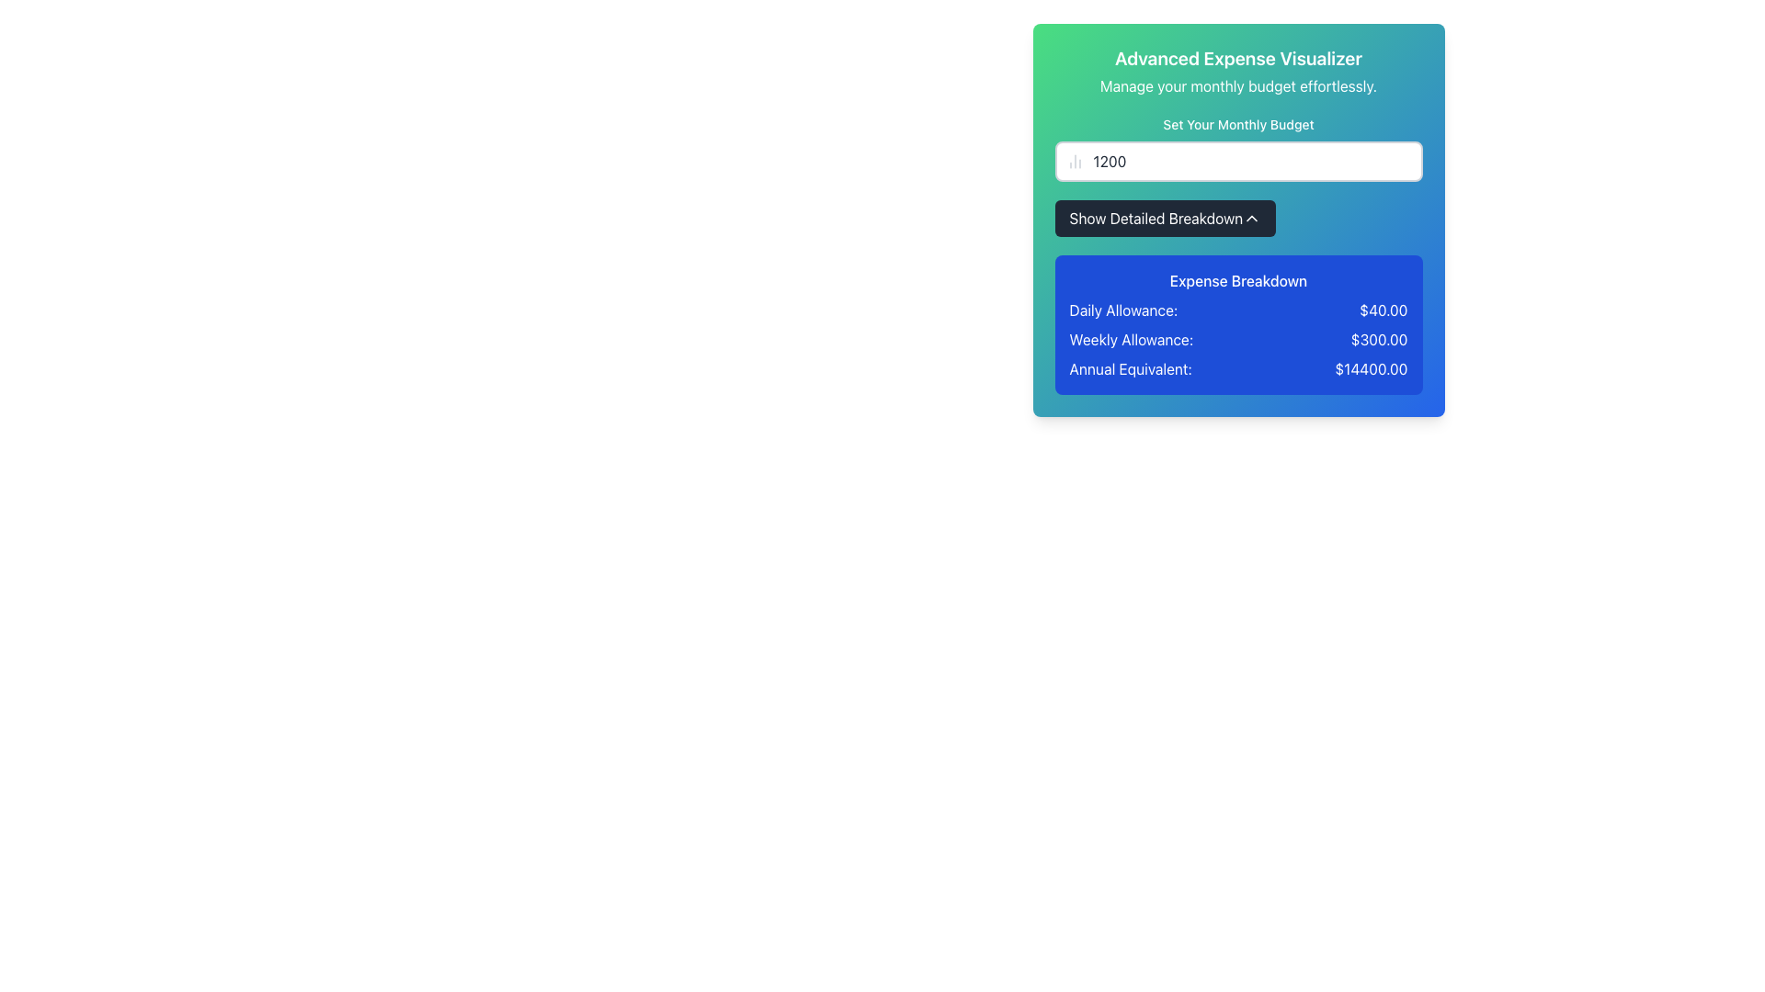 Image resolution: width=1765 pixels, height=992 pixels. I want to click on the text display showing the value '$40.00' in bold white font on a blue background, located in the 'Expense Breakdown' section, aligned with 'Daily Allowance:', so click(1384, 310).